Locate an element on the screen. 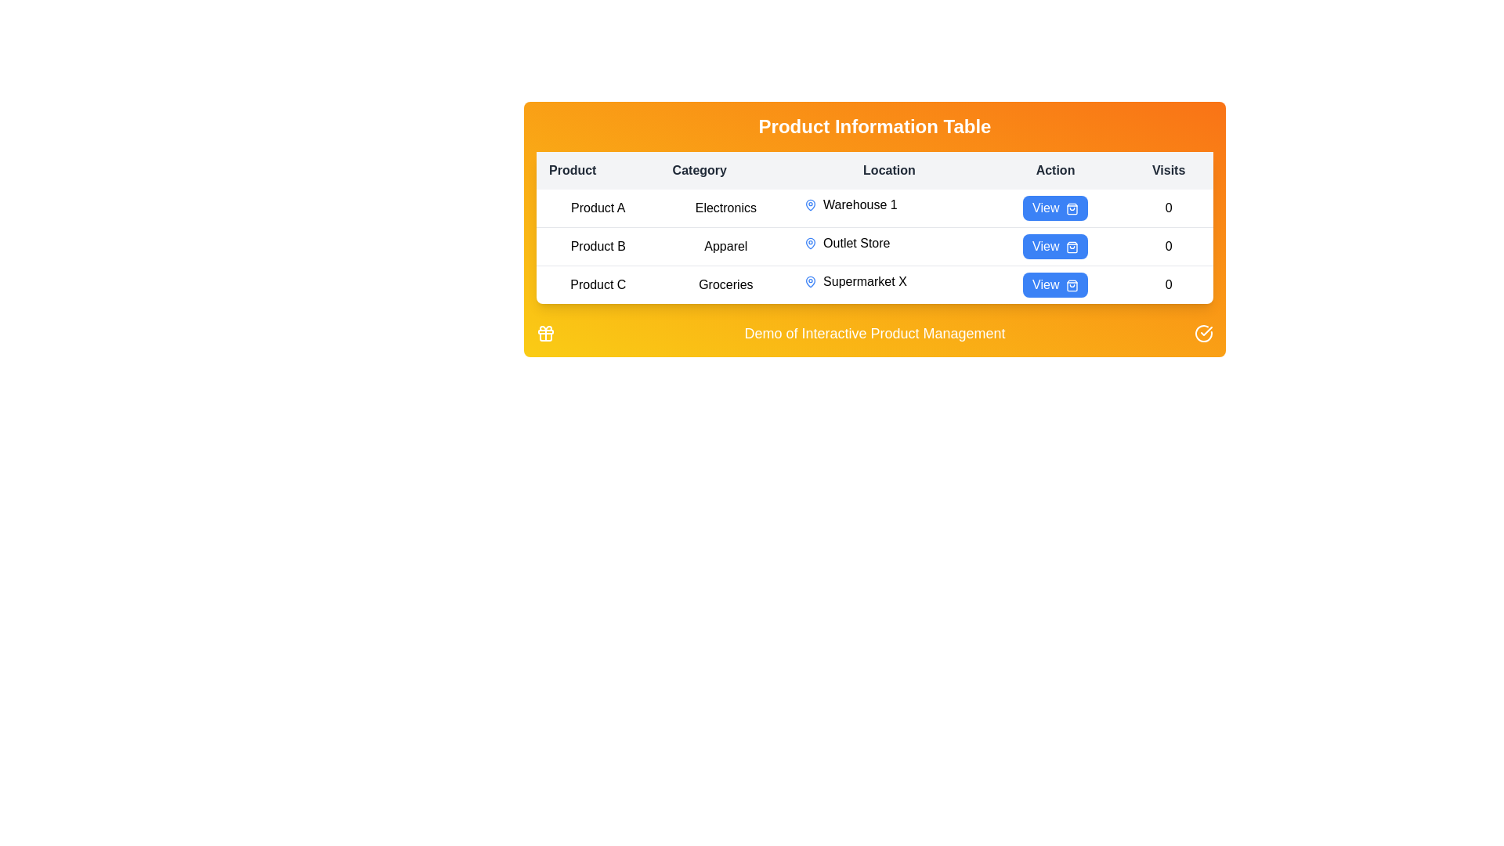 Image resolution: width=1504 pixels, height=846 pixels. the styled text label displaying '0' that is centrally aligned within the 'Visits' column of the 'Product Information Table' for 'Product C' is located at coordinates (1169, 284).